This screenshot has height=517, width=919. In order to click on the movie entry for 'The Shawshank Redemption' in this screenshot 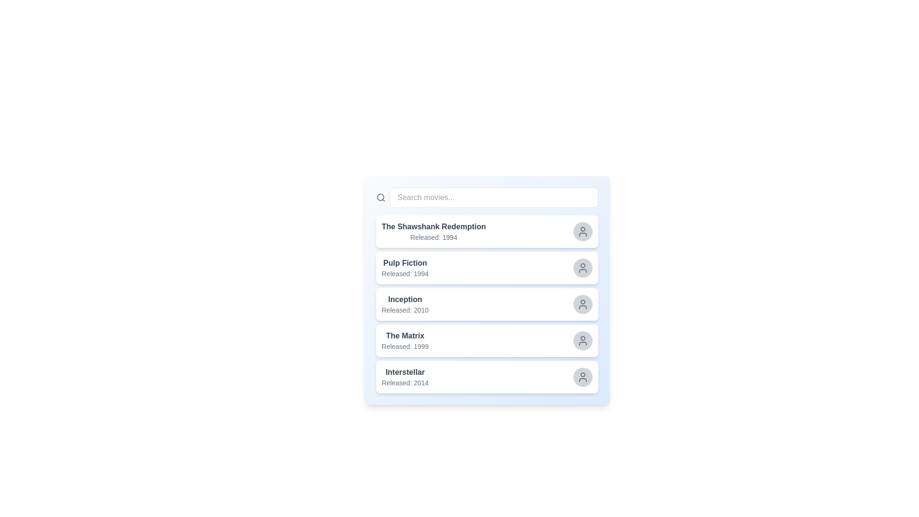, I will do `click(487, 231)`.